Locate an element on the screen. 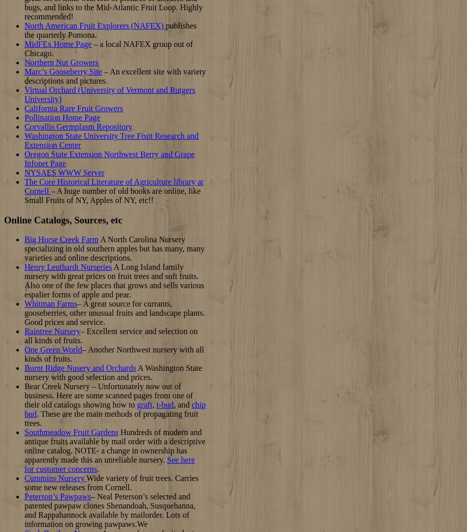 Image resolution: width=467 pixels, height=532 pixels. '.' is located at coordinates (97, 468).